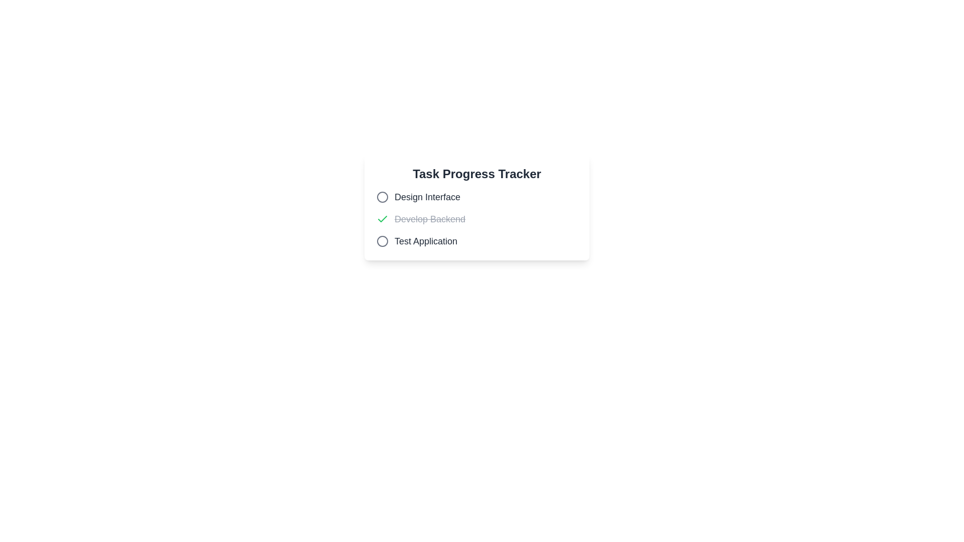 The height and width of the screenshot is (542, 964). Describe the element at coordinates (382, 197) in the screenshot. I see `the circular SVG icon with a gray stroke located on the top-left side of the 'Design Interface' text in the 'Task Progress Tracker' card` at that location.